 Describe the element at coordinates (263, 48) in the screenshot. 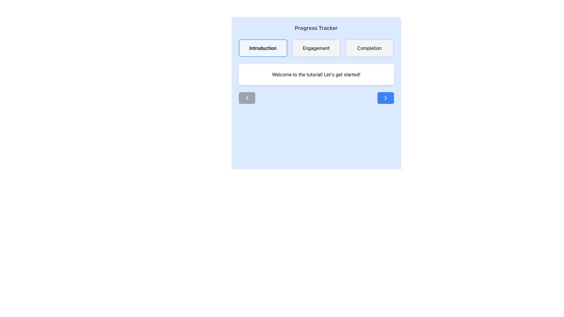

I see `the 'Introduction' button, which is a light blue rectangular button with bold text, located at the top of the interface under the 'Progress Tracker' title` at that location.